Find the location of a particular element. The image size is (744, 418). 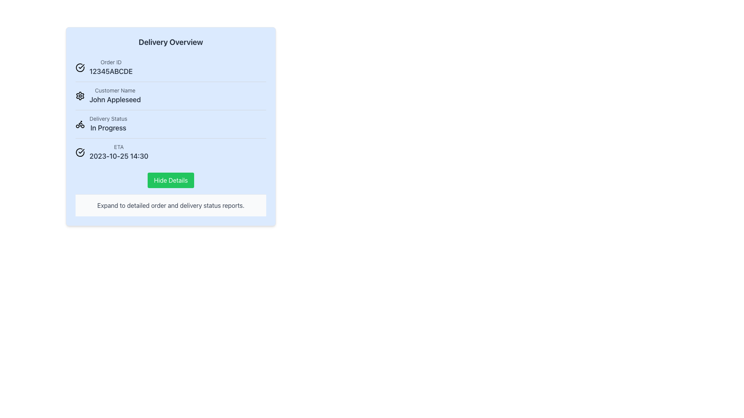

the 'Delivery Status' text label, which is styled in a subtle gray color and is part of a card layout with a light blue background is located at coordinates (108, 119).